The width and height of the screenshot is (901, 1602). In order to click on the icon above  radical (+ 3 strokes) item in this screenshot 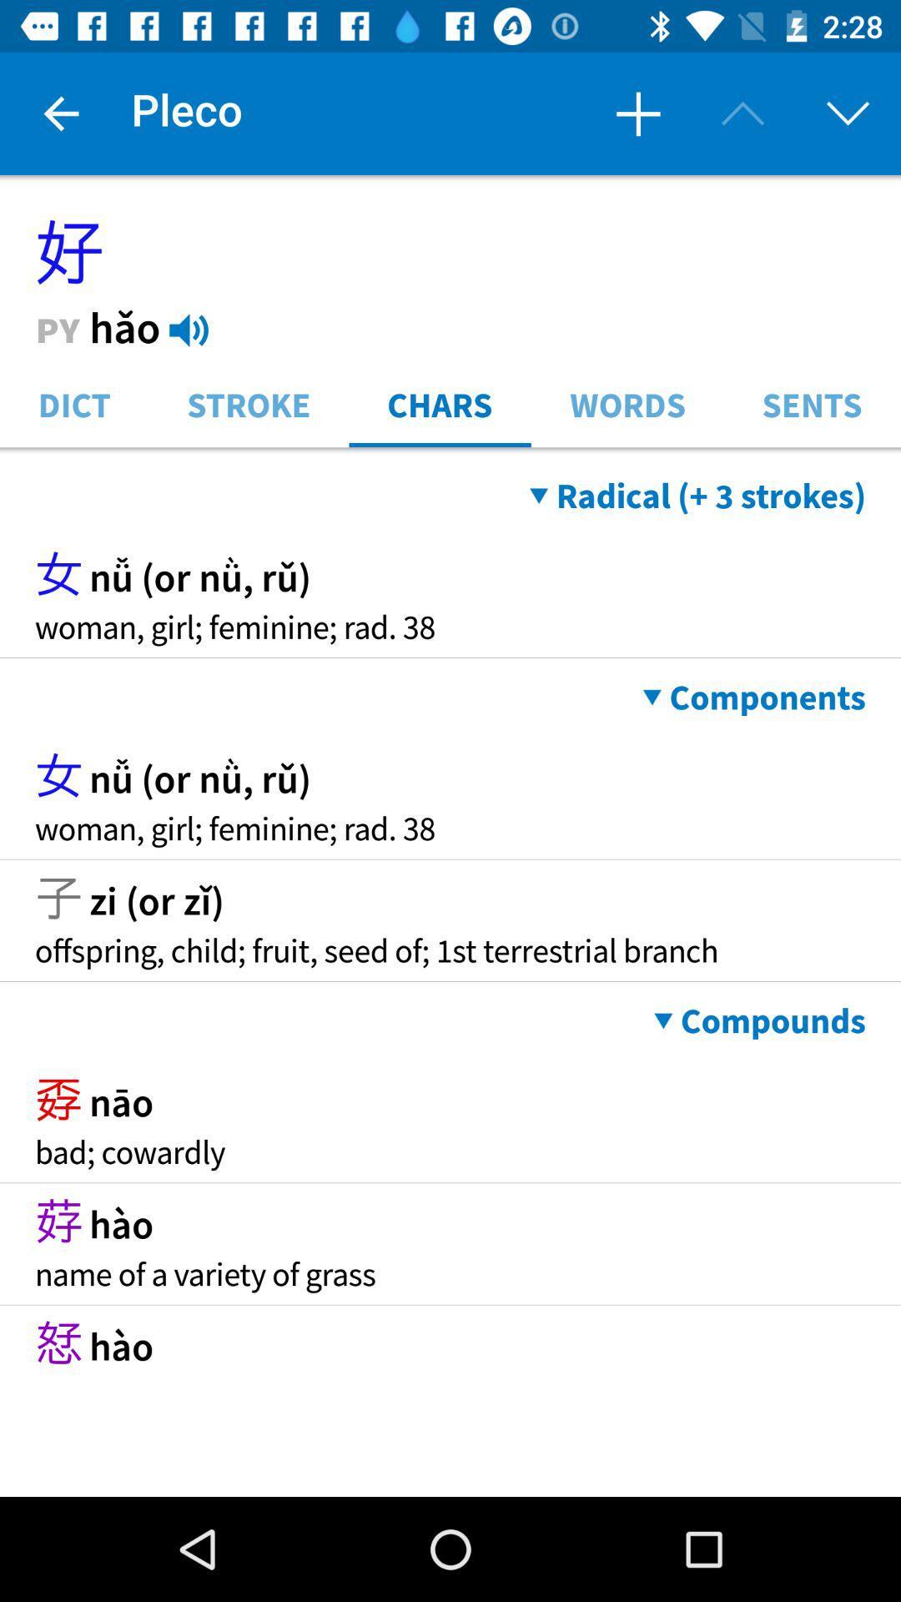, I will do `click(450, 451)`.